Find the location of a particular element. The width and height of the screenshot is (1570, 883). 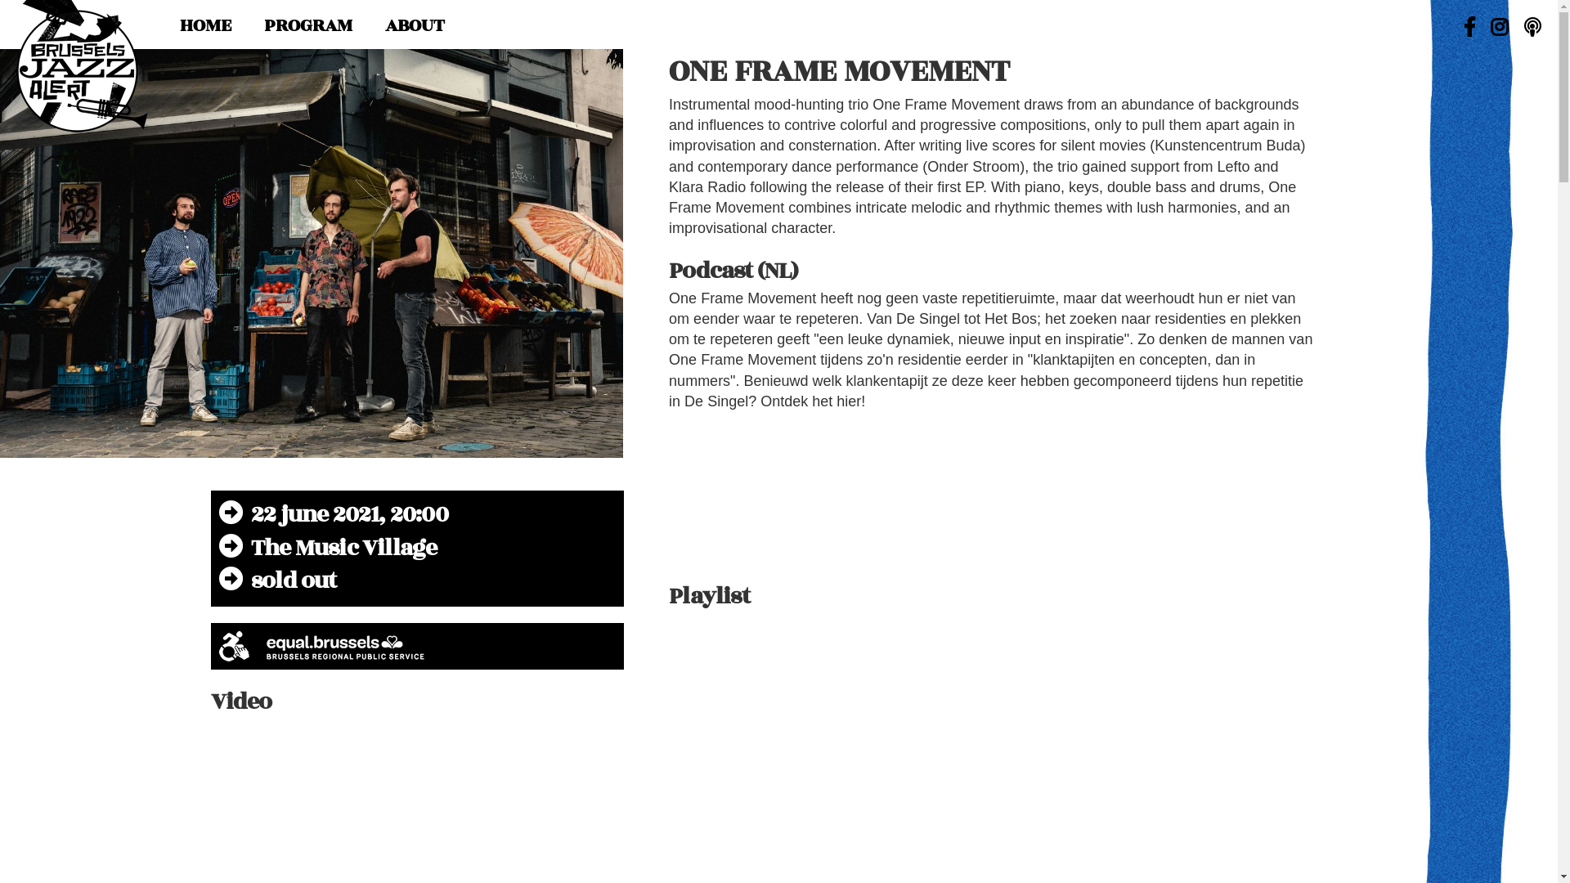

'HOME' is located at coordinates (204, 25).